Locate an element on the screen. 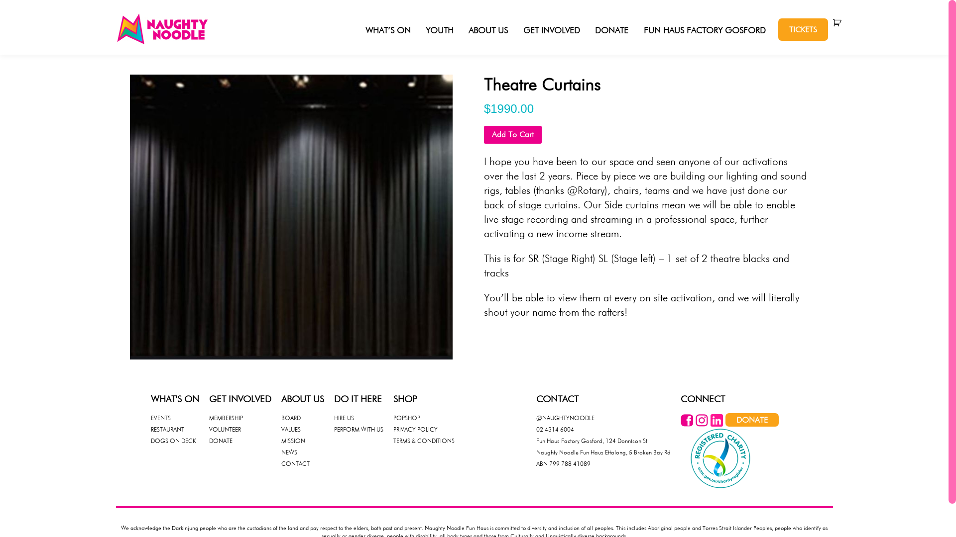  'EVENTS' is located at coordinates (160, 418).